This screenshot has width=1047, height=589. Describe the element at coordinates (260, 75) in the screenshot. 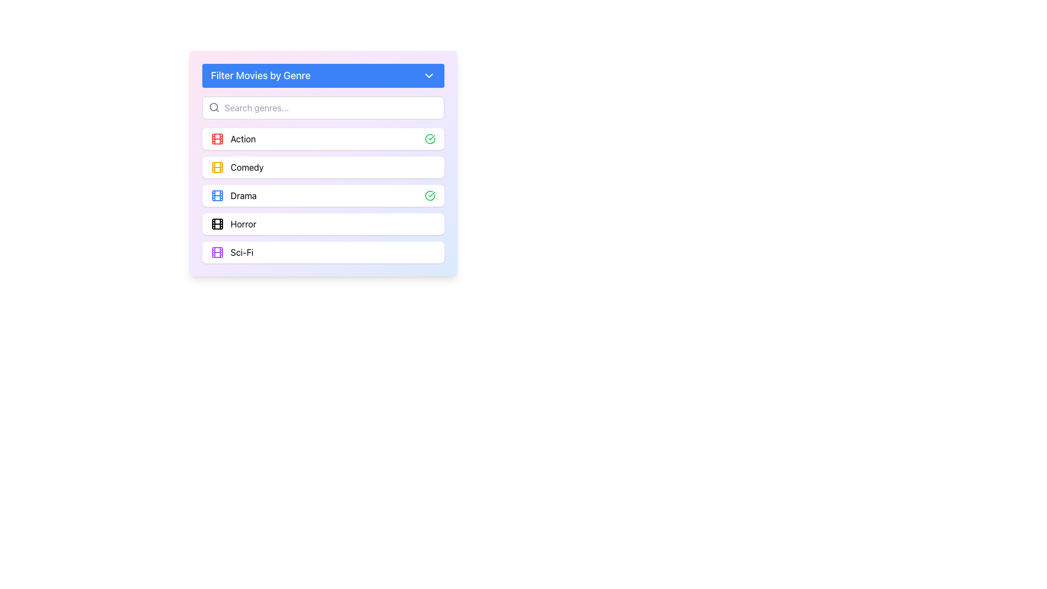

I see `the prominent text label reading 'Filter Movies by Genre' located at the top of the genre filtering interface, styled in bold within a blue rectangular section` at that location.